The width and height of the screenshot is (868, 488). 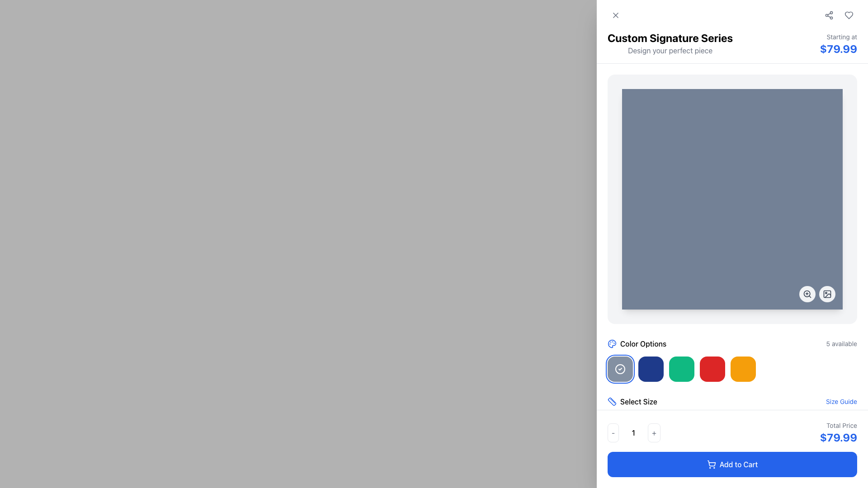 I want to click on text content of the element displaying 'Custom Signature Series', which is a bold and larger heading located at the top of the page, aligned to the left above 'Design your perfect piece', so click(x=670, y=38).